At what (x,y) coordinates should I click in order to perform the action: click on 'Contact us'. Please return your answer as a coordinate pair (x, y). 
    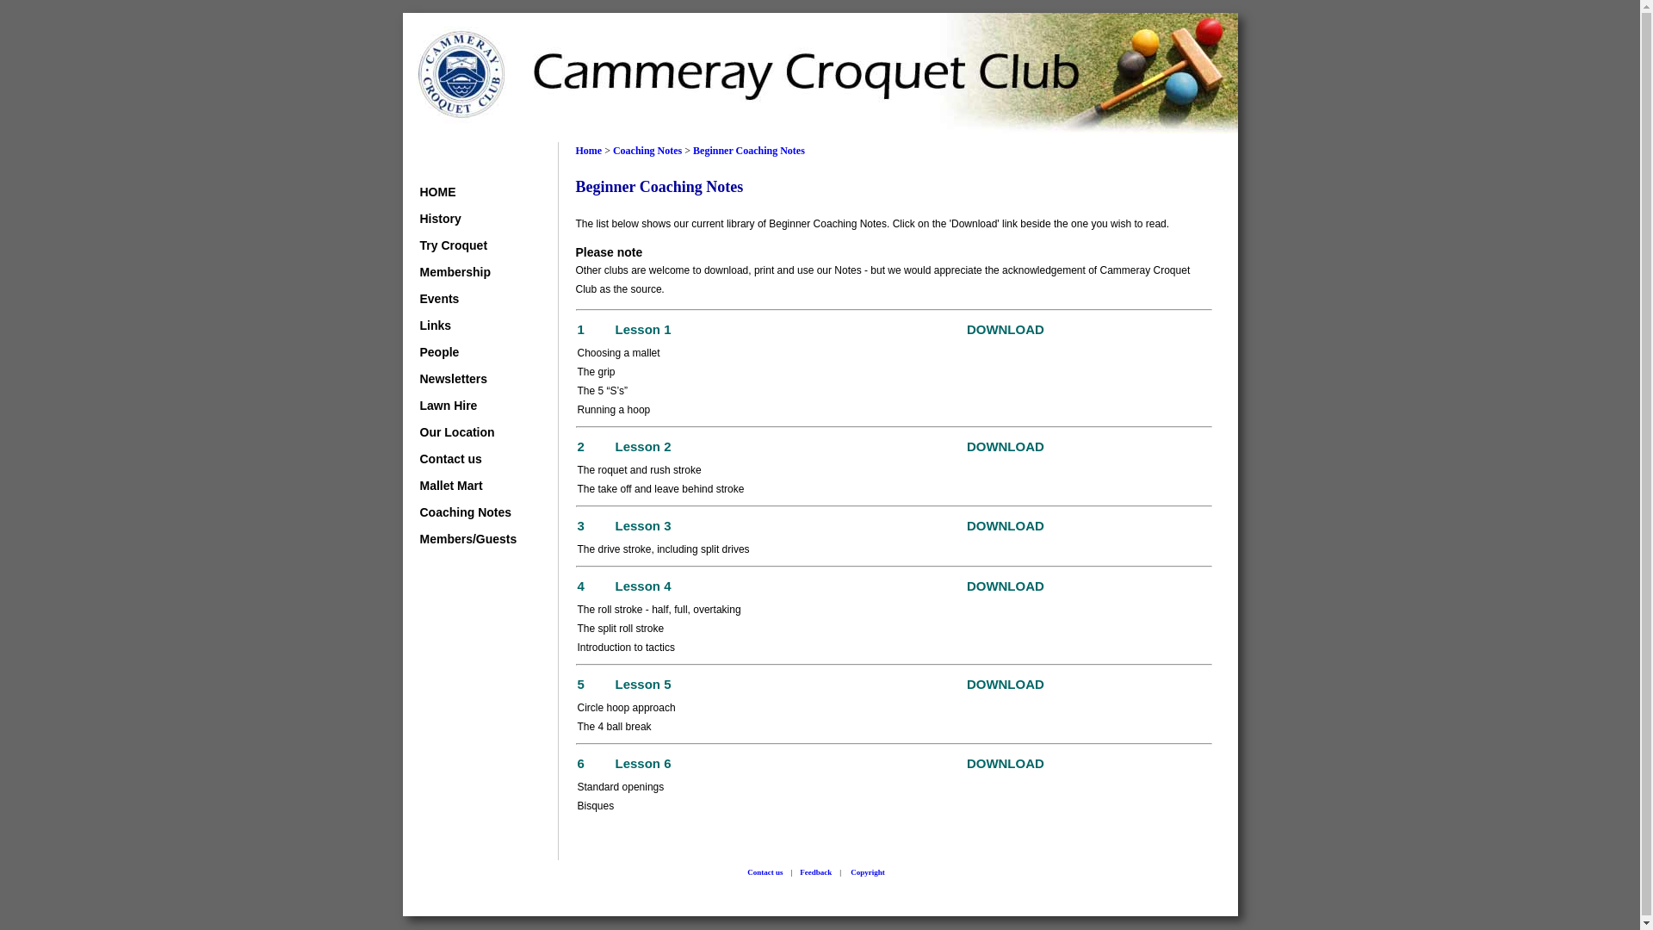
    Looking at the image, I should click on (470, 457).